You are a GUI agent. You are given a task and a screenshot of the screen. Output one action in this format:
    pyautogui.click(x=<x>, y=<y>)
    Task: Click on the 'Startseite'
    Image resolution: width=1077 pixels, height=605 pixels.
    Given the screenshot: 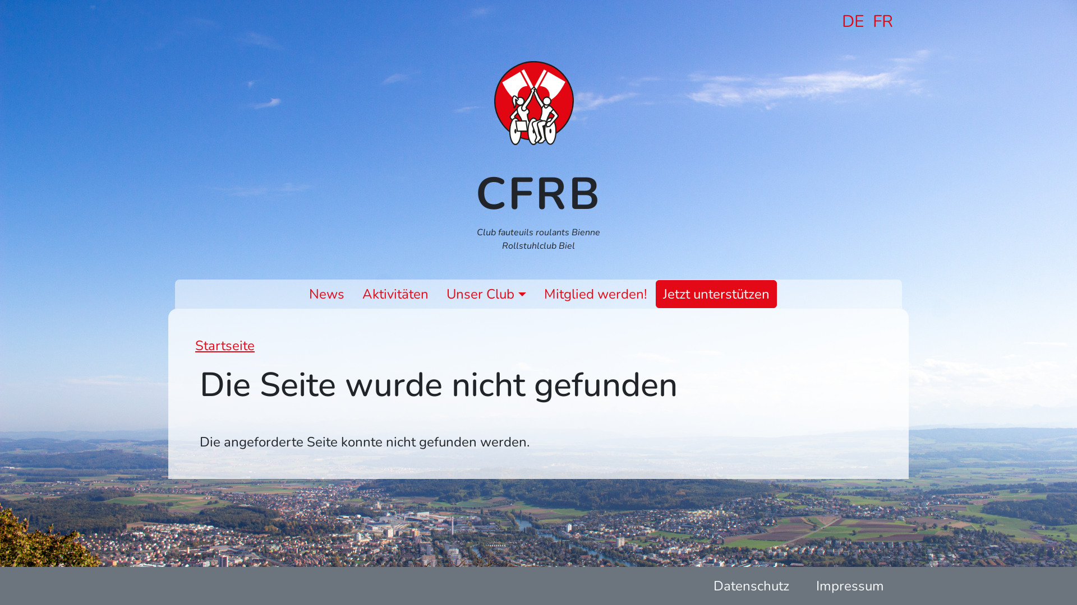 What is the action you would take?
    pyautogui.click(x=538, y=103)
    